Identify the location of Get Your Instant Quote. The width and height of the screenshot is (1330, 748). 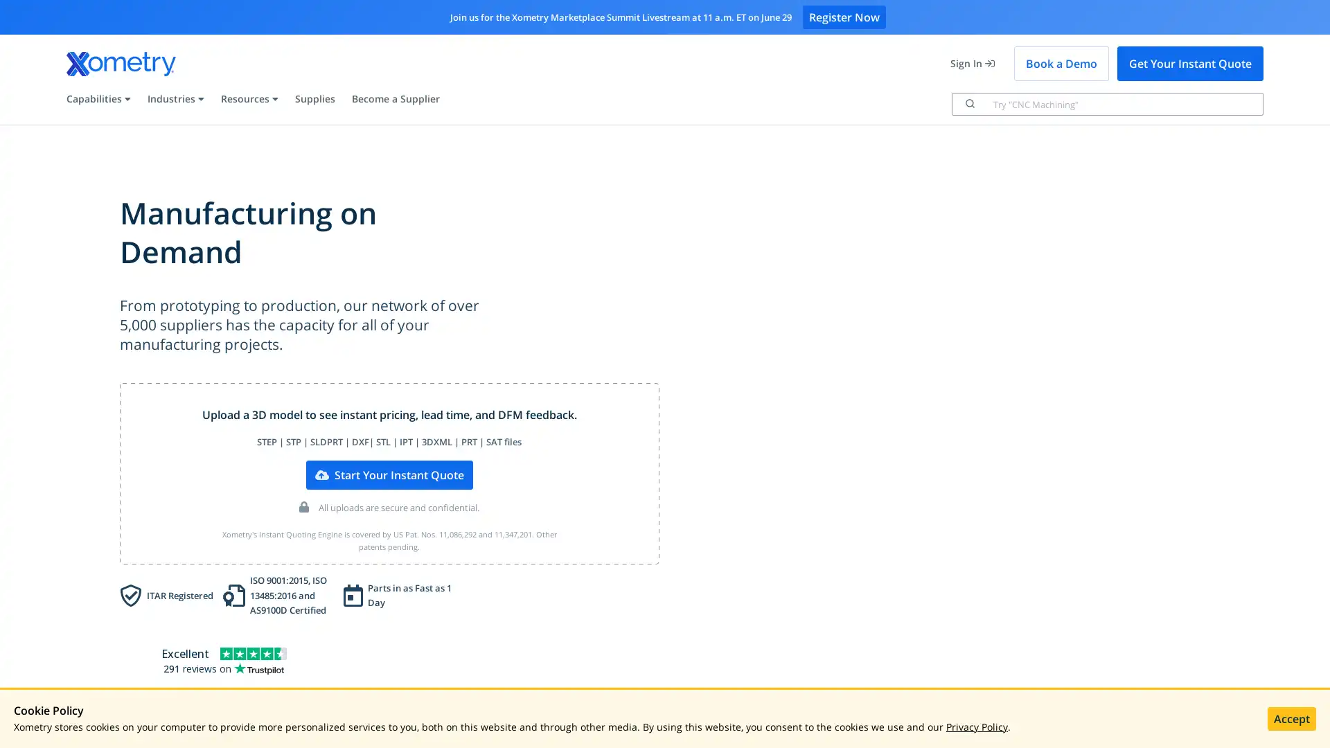
(1189, 64).